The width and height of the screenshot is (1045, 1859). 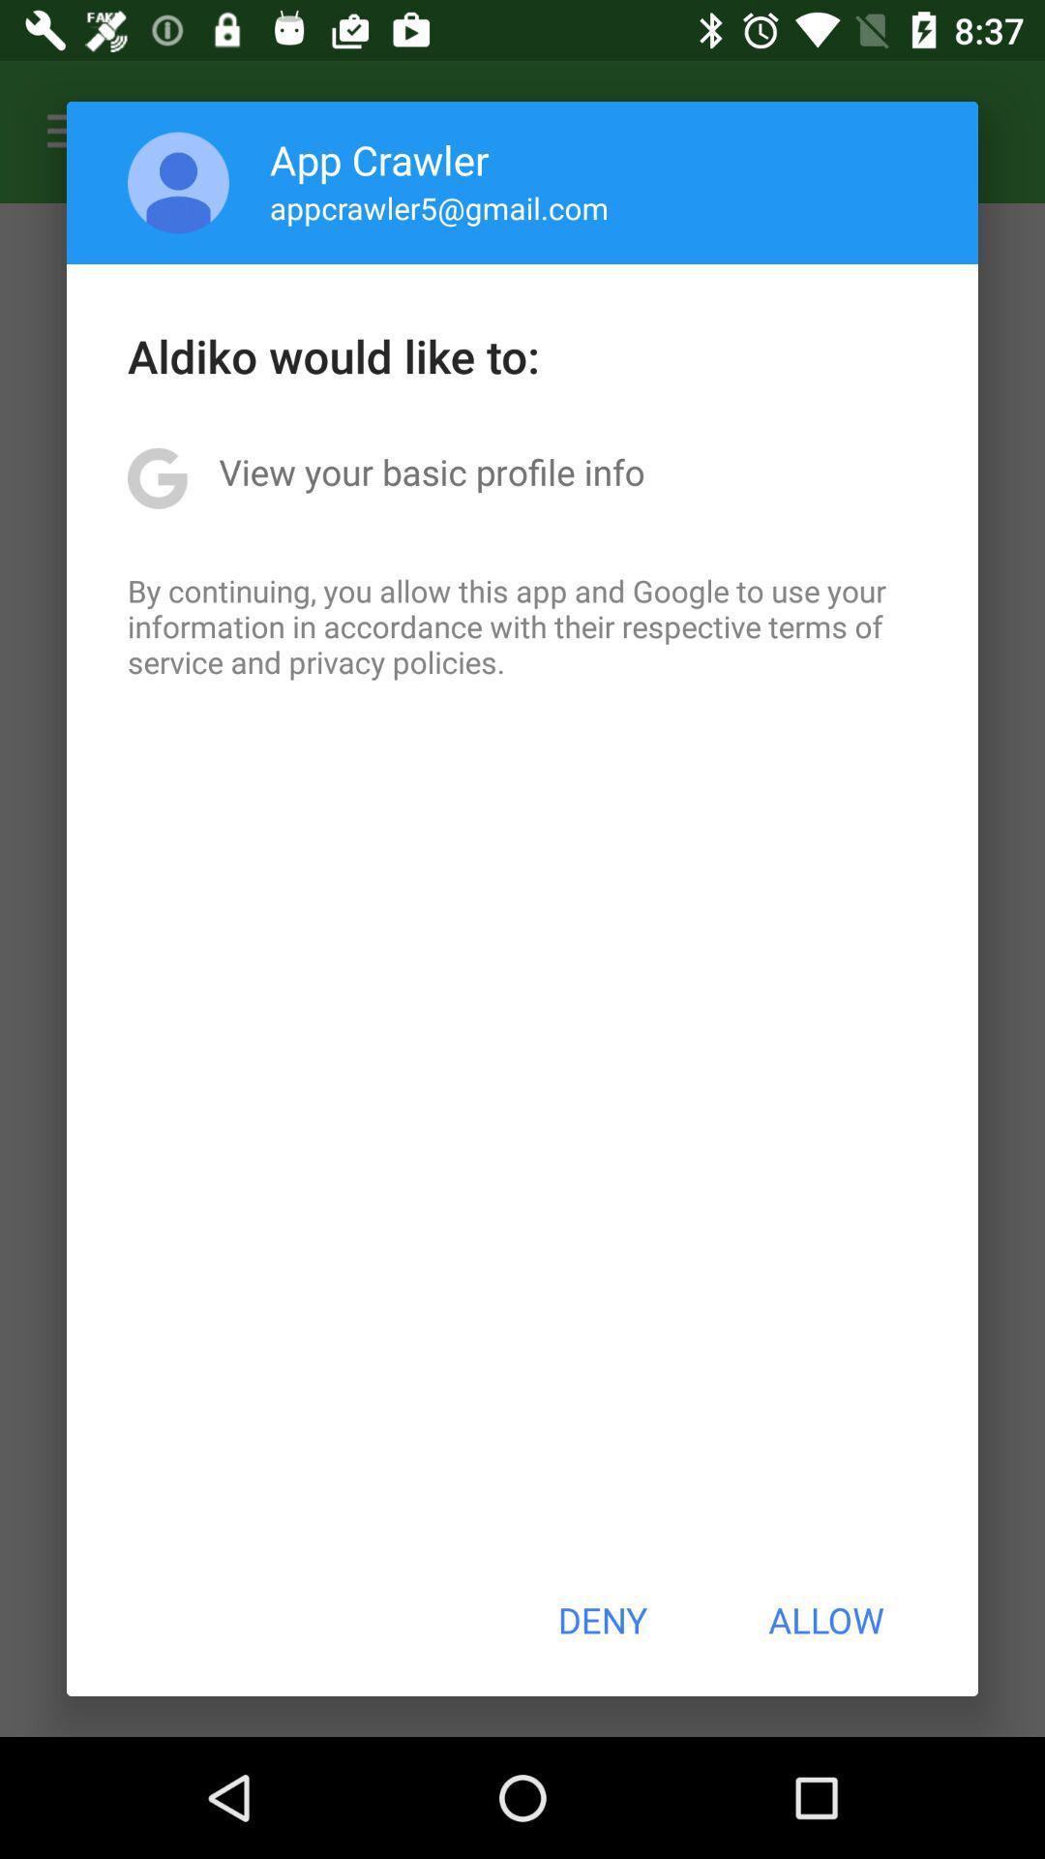 I want to click on item below the by continuing you, so click(x=601, y=1620).